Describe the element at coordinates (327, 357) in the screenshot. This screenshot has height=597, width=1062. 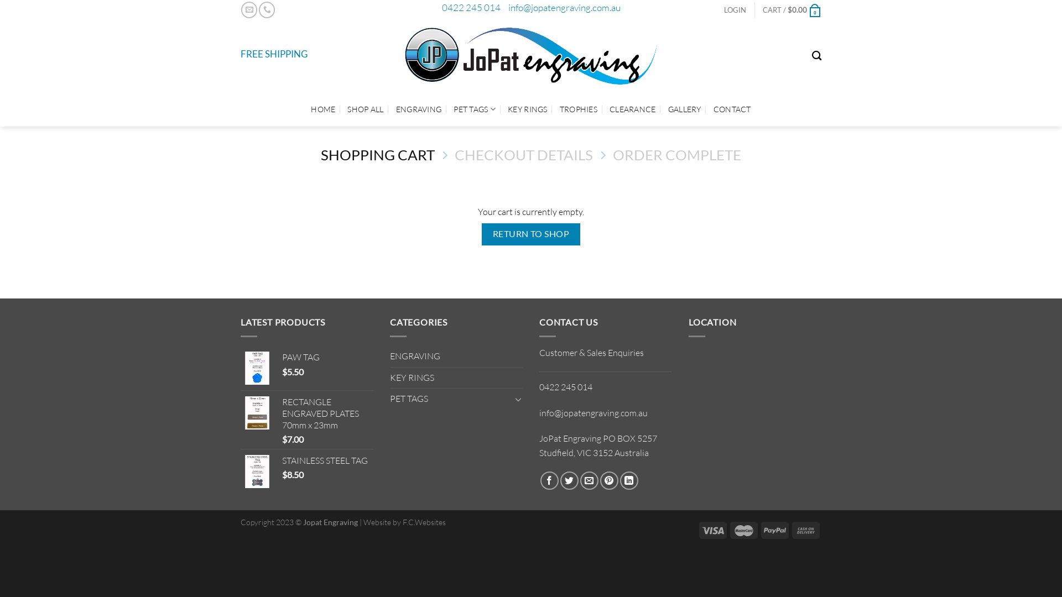
I see `'PAW TAG'` at that location.